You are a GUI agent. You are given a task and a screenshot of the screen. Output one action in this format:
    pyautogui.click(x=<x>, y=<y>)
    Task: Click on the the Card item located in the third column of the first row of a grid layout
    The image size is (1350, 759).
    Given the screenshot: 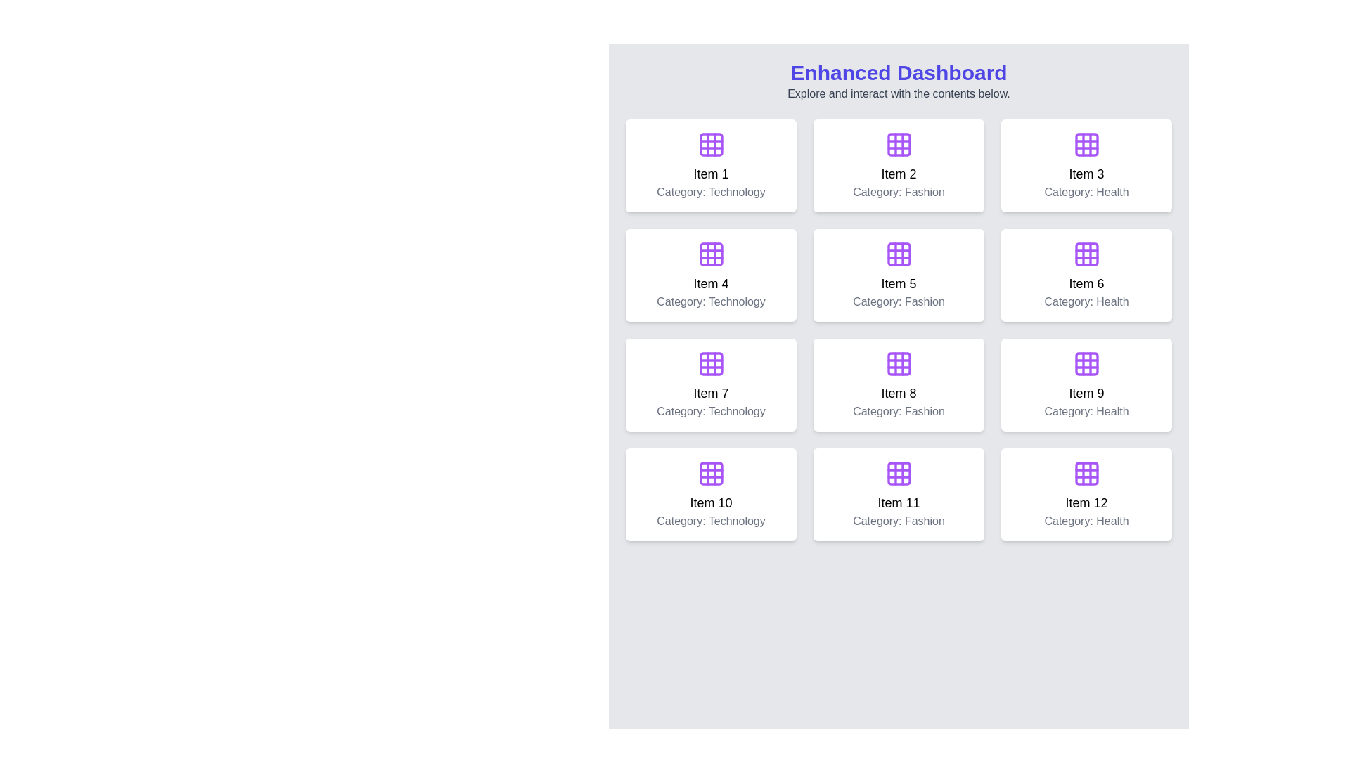 What is the action you would take?
    pyautogui.click(x=1086, y=164)
    